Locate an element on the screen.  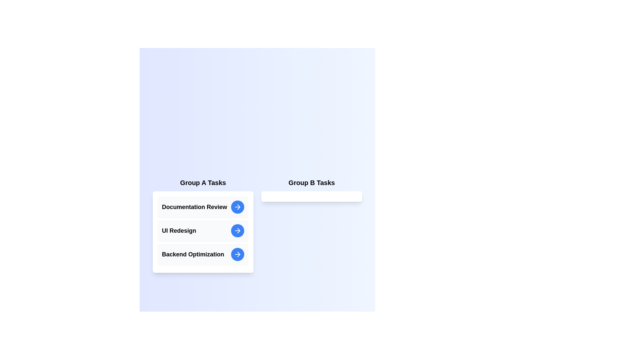
the task entry Backend Optimization in Group A to inspect its details is located at coordinates (203, 254).